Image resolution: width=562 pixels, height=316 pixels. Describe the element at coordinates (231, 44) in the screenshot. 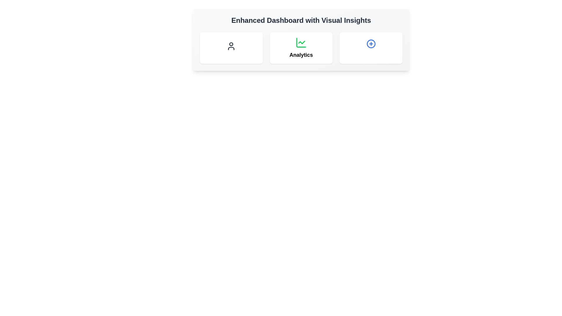

I see `the circular icon resembling a user silhouette located at the top edge of the leftmost icon in a three-icon row` at that location.